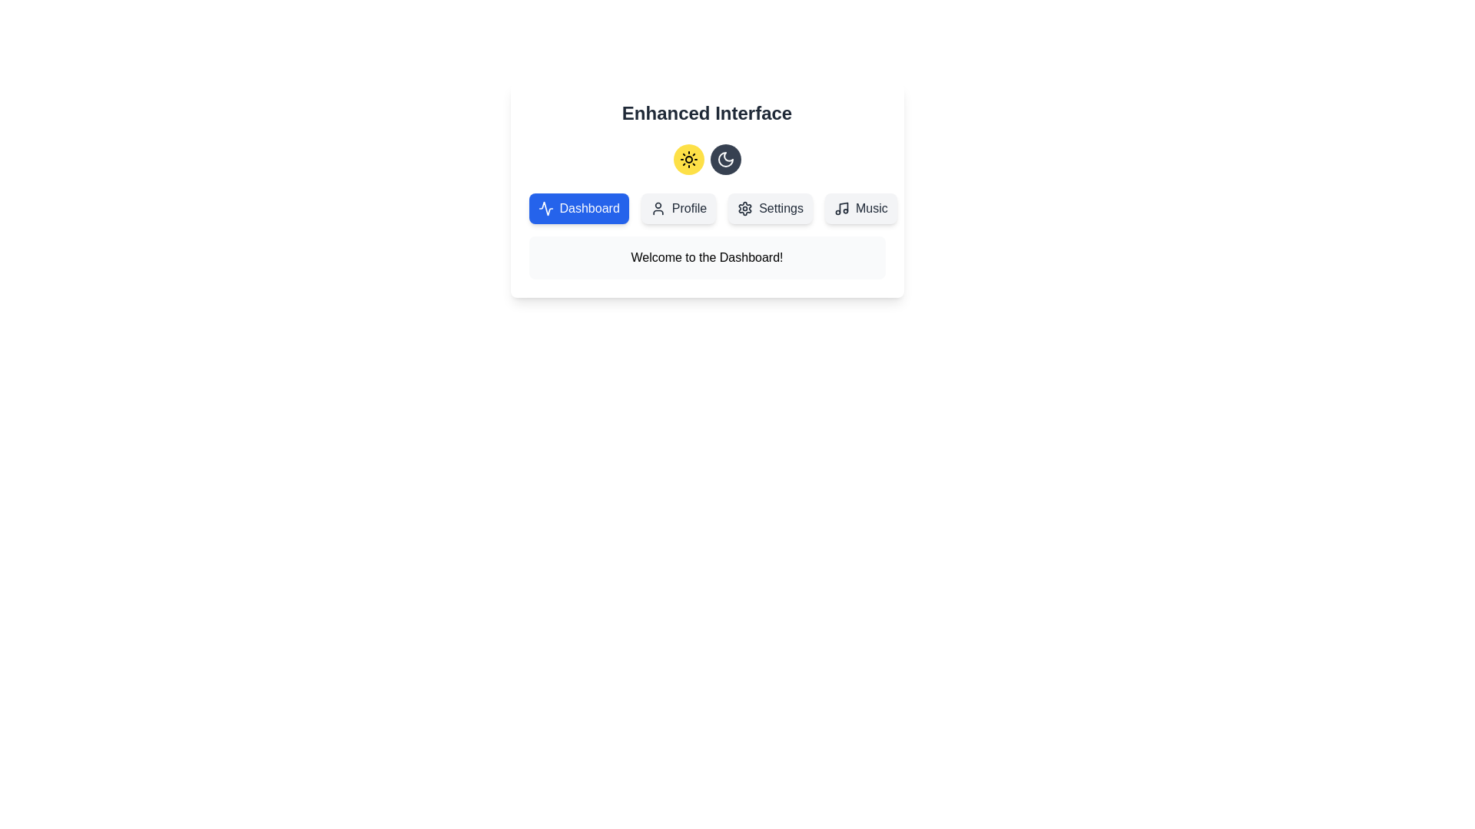 This screenshot has height=829, width=1475. Describe the element at coordinates (688, 160) in the screenshot. I see `the circular sun icon button with a yellow background` at that location.